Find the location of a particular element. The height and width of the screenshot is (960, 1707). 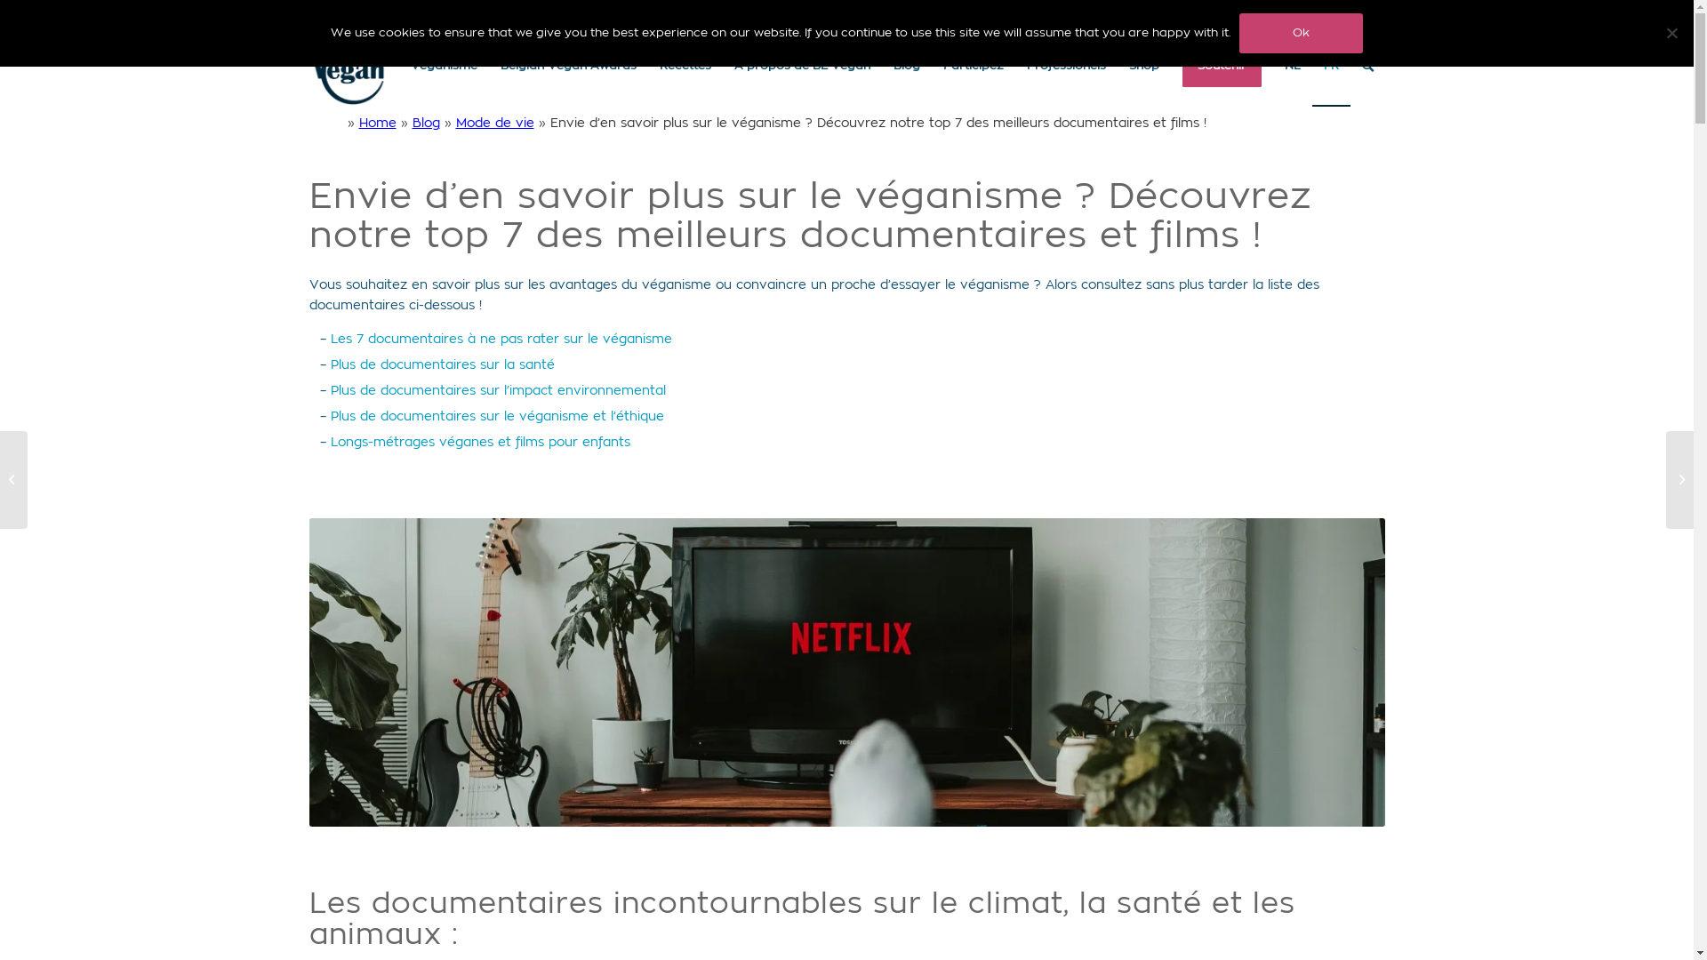

'A propos de BE Vegan' is located at coordinates (800, 65).